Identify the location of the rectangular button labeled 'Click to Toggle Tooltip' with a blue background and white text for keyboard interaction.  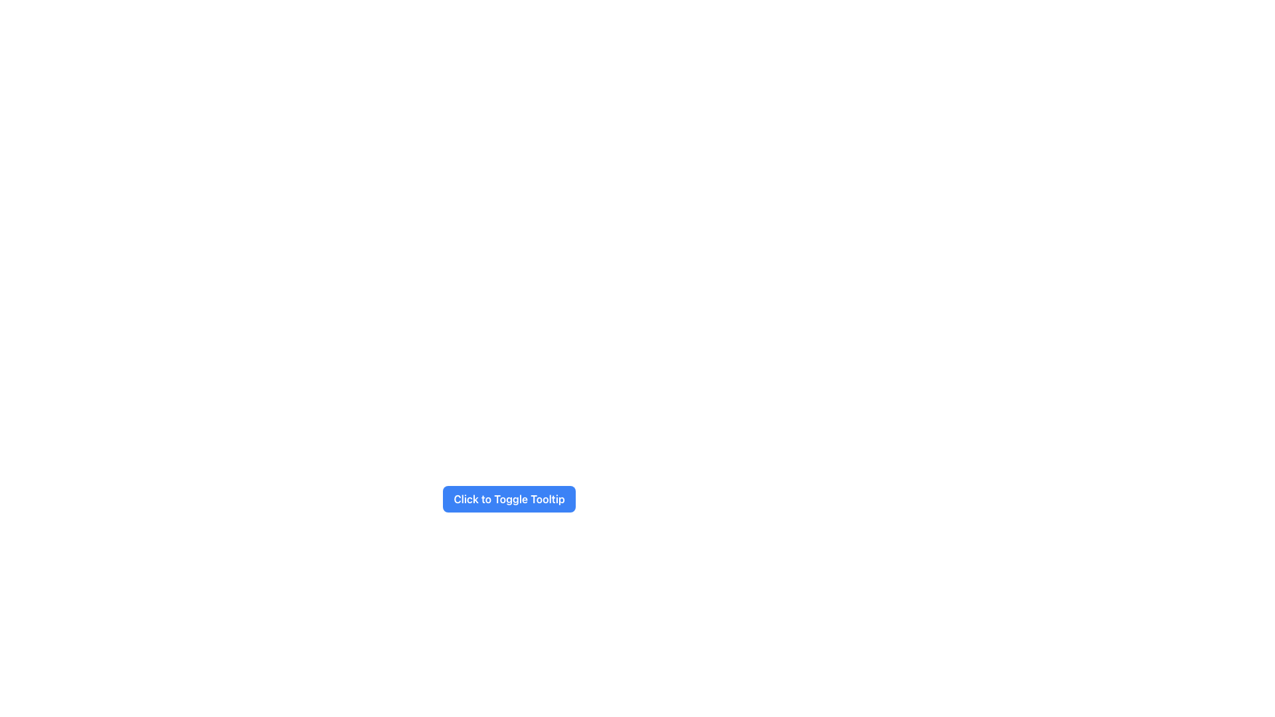
(509, 499).